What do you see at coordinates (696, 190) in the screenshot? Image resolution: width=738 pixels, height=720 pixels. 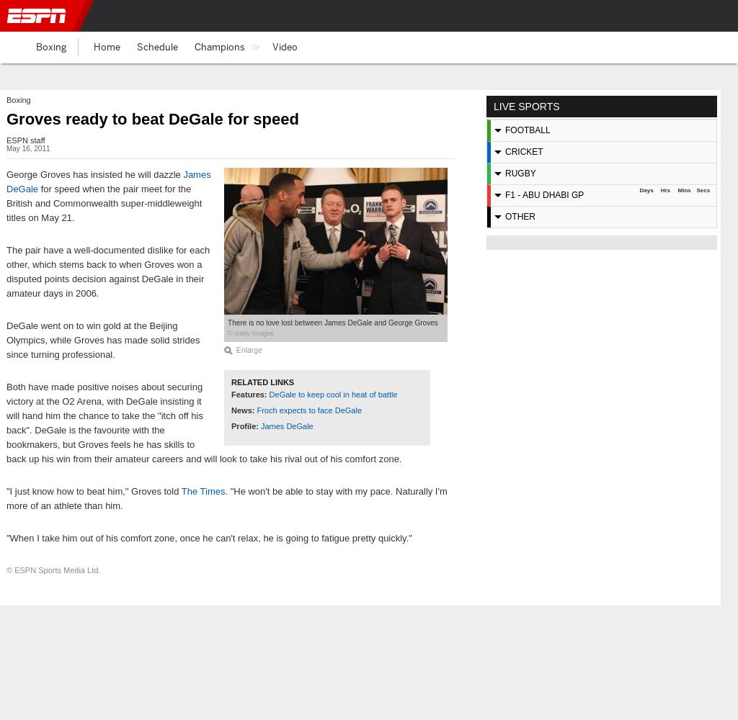 I see `'Secs'` at bounding box center [696, 190].